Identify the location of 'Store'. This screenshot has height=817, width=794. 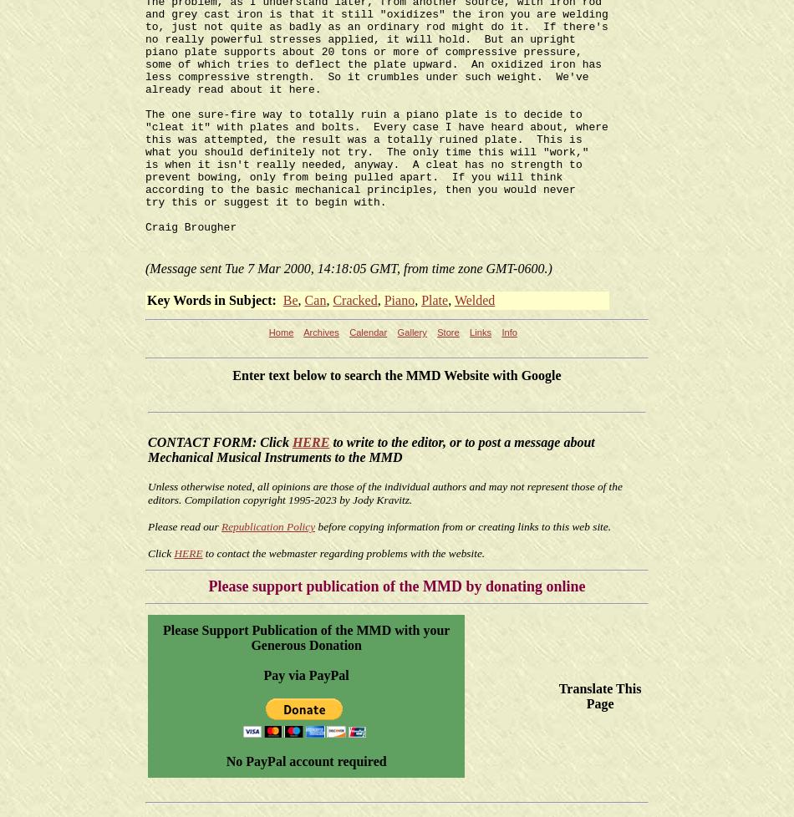
(447, 332).